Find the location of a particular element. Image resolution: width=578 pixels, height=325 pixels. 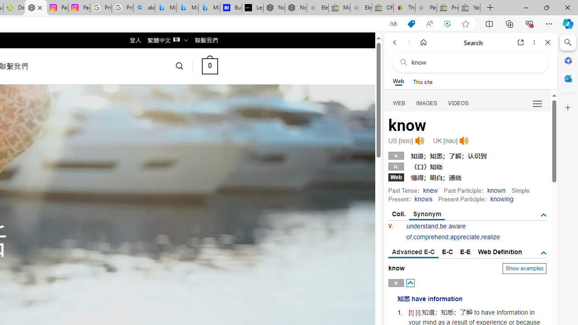

'realize' is located at coordinates (490, 237).